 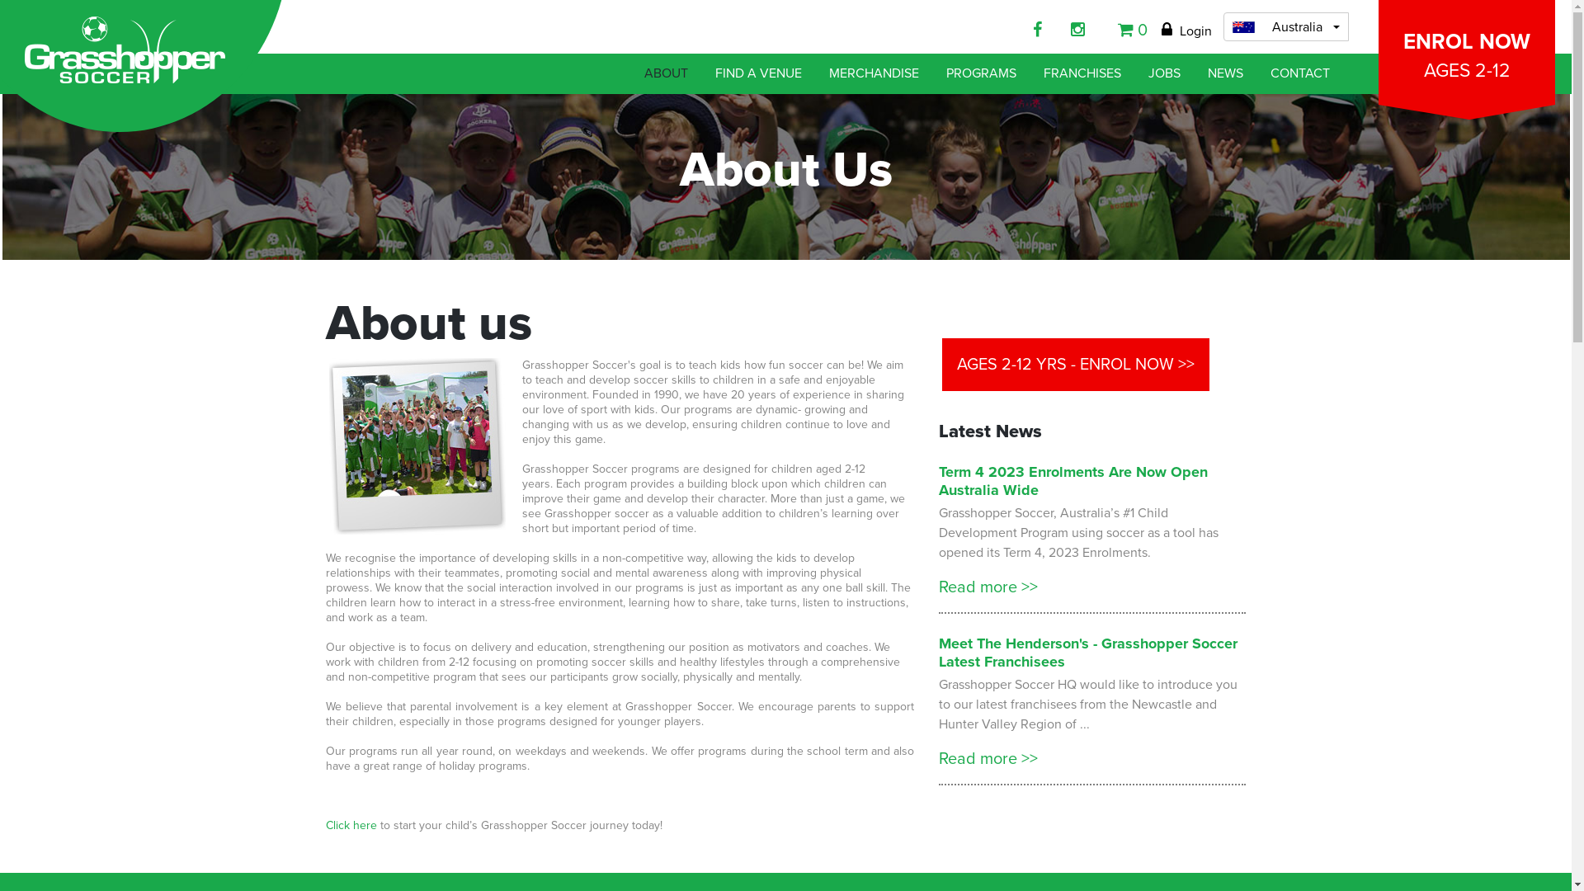 What do you see at coordinates (1225, 73) in the screenshot?
I see `'NEWS'` at bounding box center [1225, 73].